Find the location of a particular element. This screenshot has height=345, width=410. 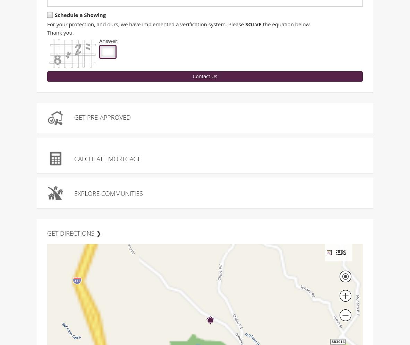

'For your protection, and ours, we have implemented a verification system.
                            Please' is located at coordinates (47, 25).